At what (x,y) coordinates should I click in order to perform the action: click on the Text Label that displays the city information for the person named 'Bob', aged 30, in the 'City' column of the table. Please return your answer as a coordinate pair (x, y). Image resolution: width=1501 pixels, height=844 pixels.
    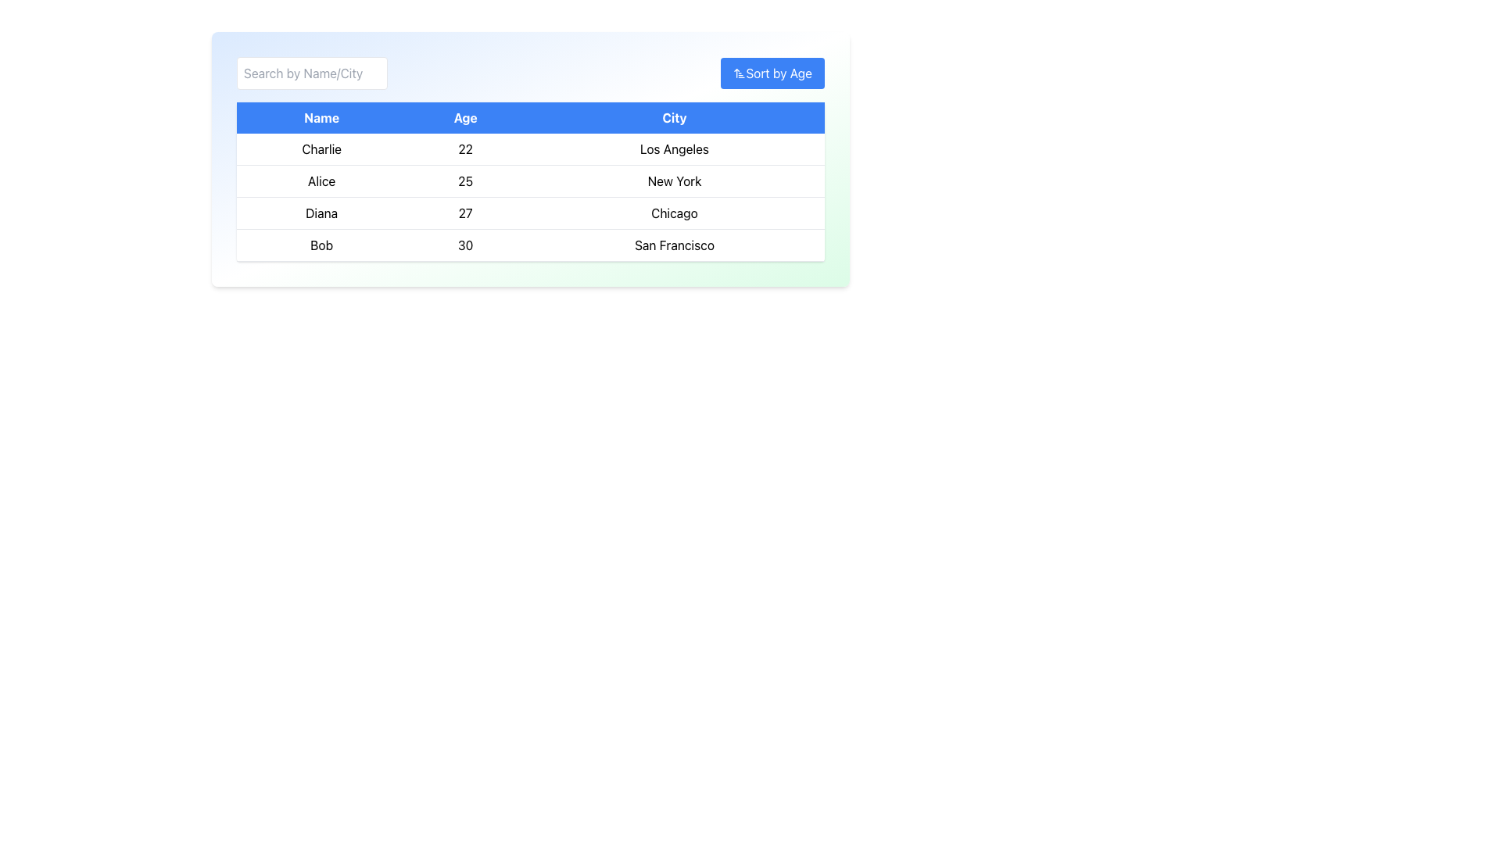
    Looking at the image, I should click on (675, 245).